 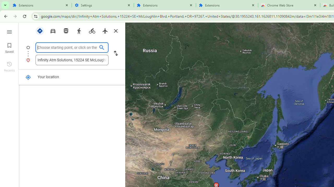 What do you see at coordinates (53, 31) in the screenshot?
I see `'Driving'` at bounding box center [53, 31].